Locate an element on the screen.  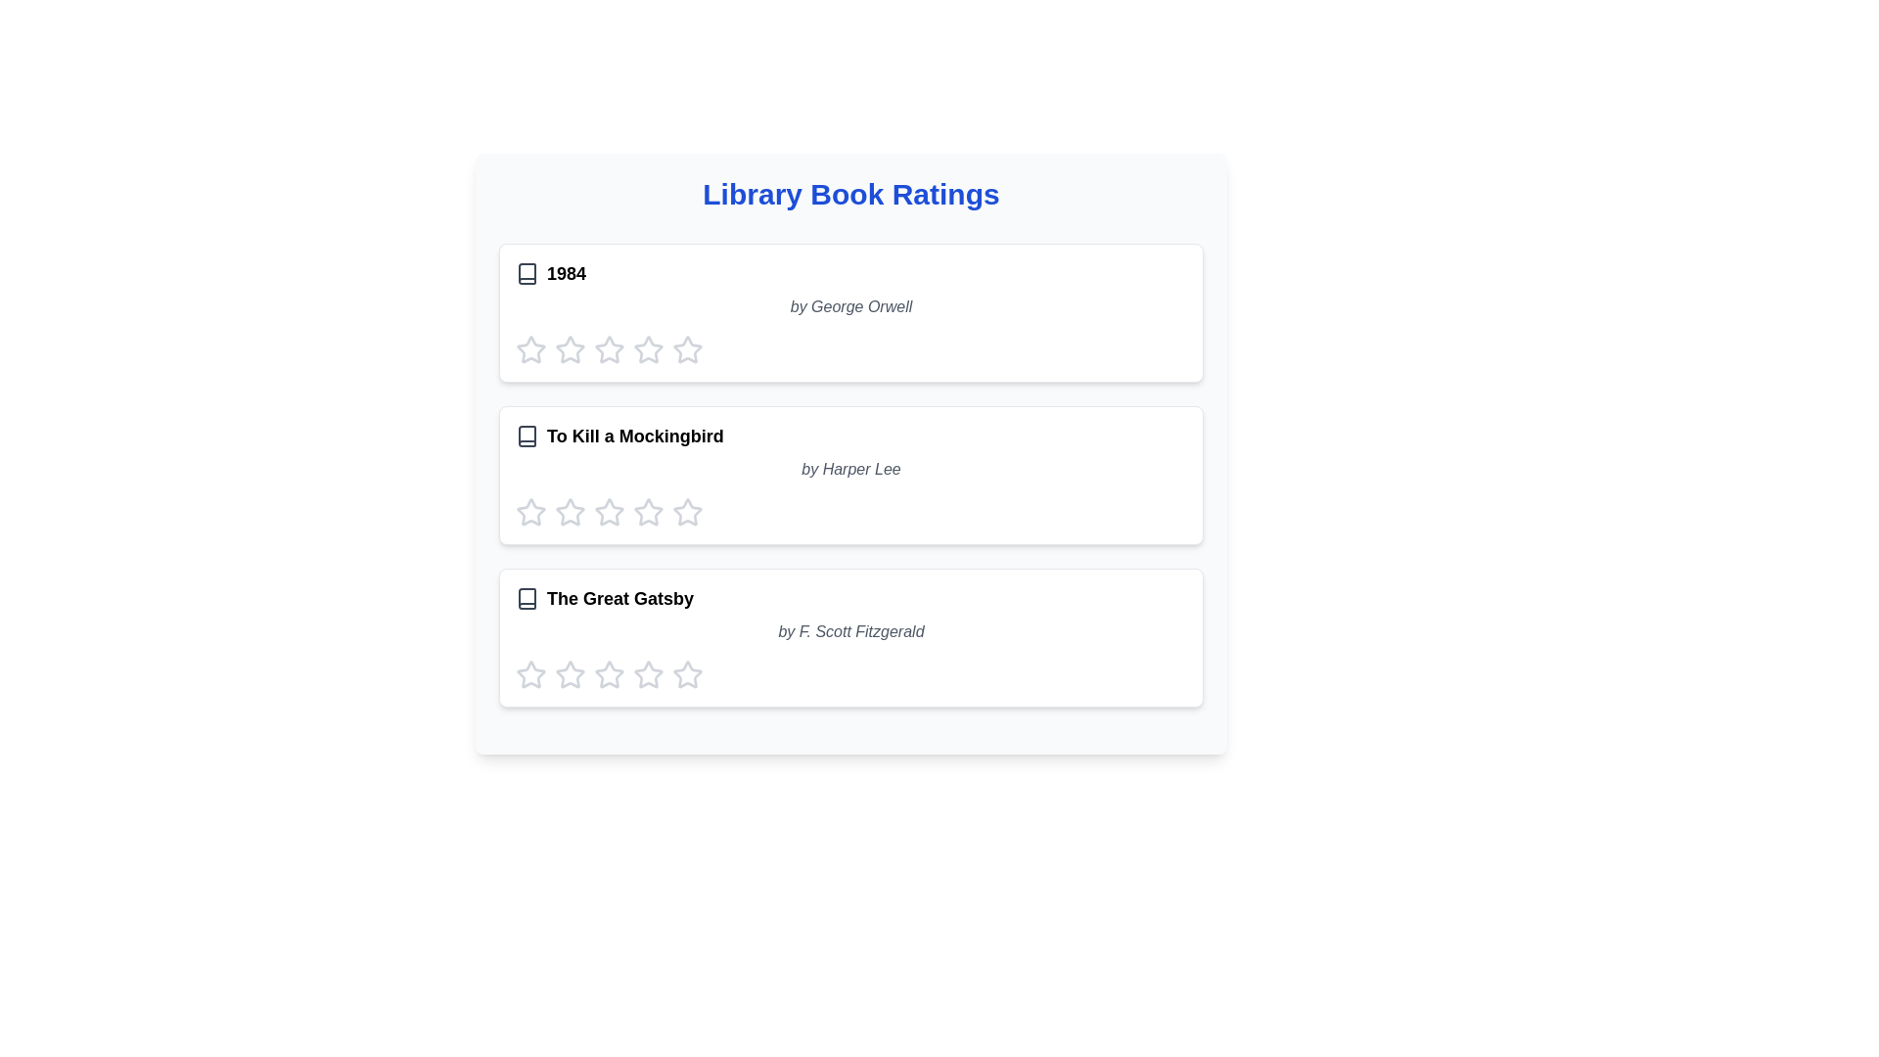
the first star icon in the star rating for 'The Great Gatsby' is located at coordinates (530, 674).